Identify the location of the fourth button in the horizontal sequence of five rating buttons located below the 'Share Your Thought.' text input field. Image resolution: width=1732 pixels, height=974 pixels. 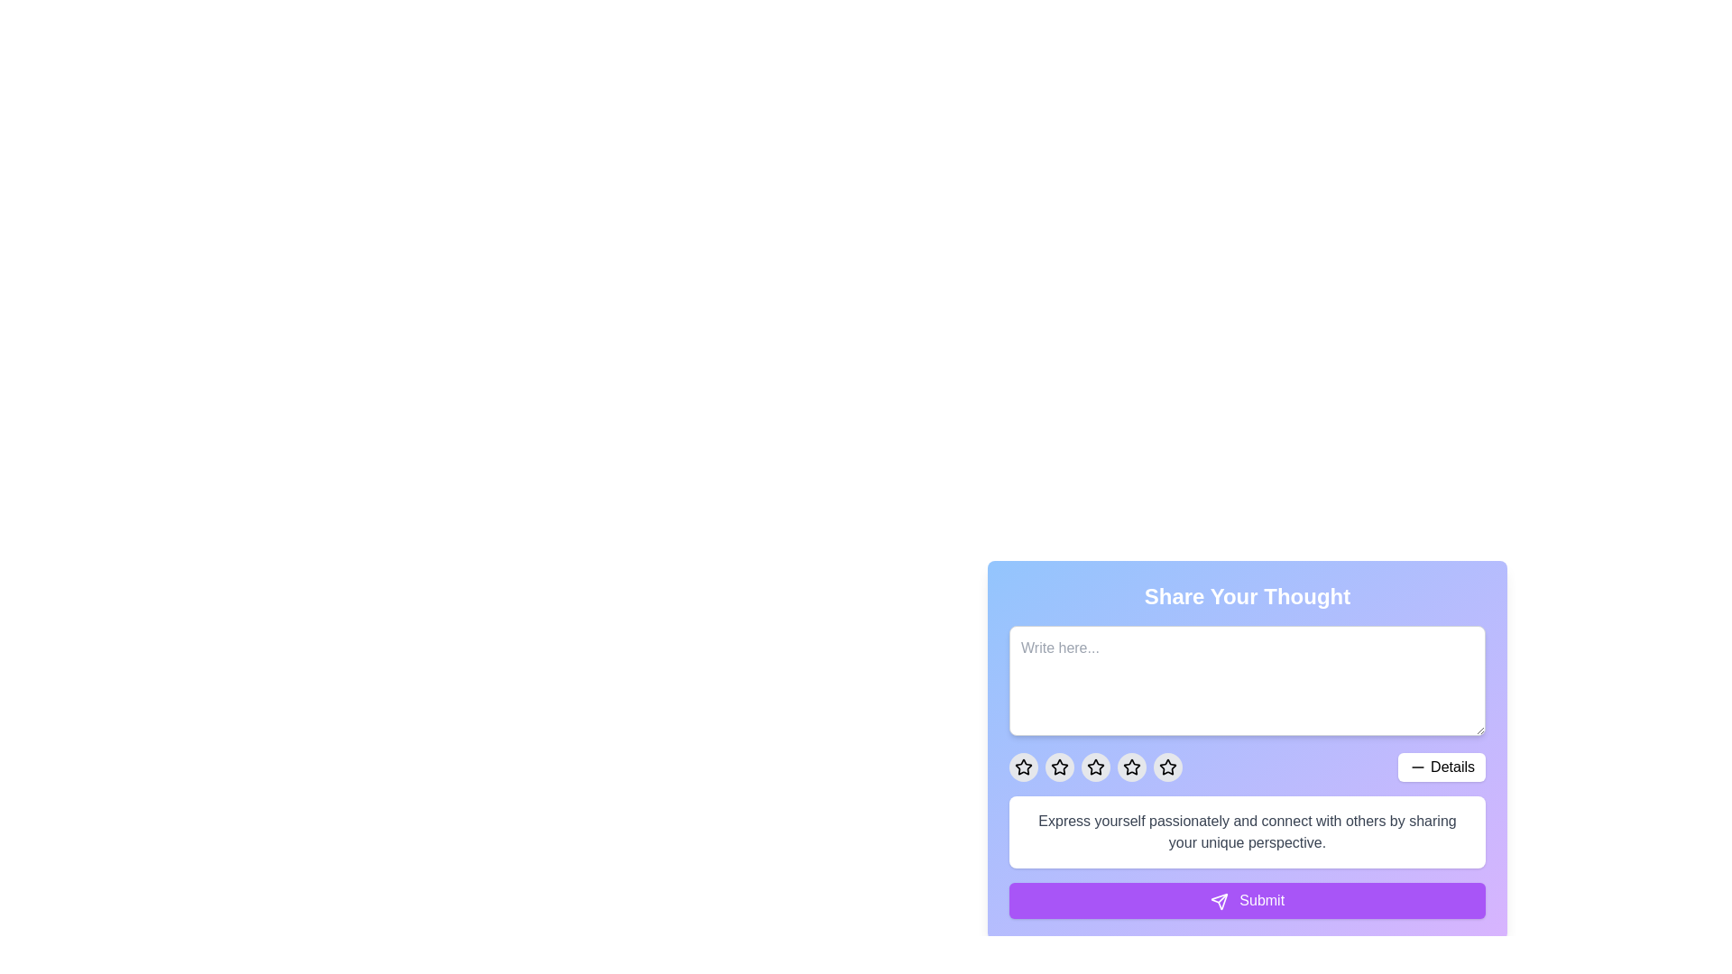
(1060, 767).